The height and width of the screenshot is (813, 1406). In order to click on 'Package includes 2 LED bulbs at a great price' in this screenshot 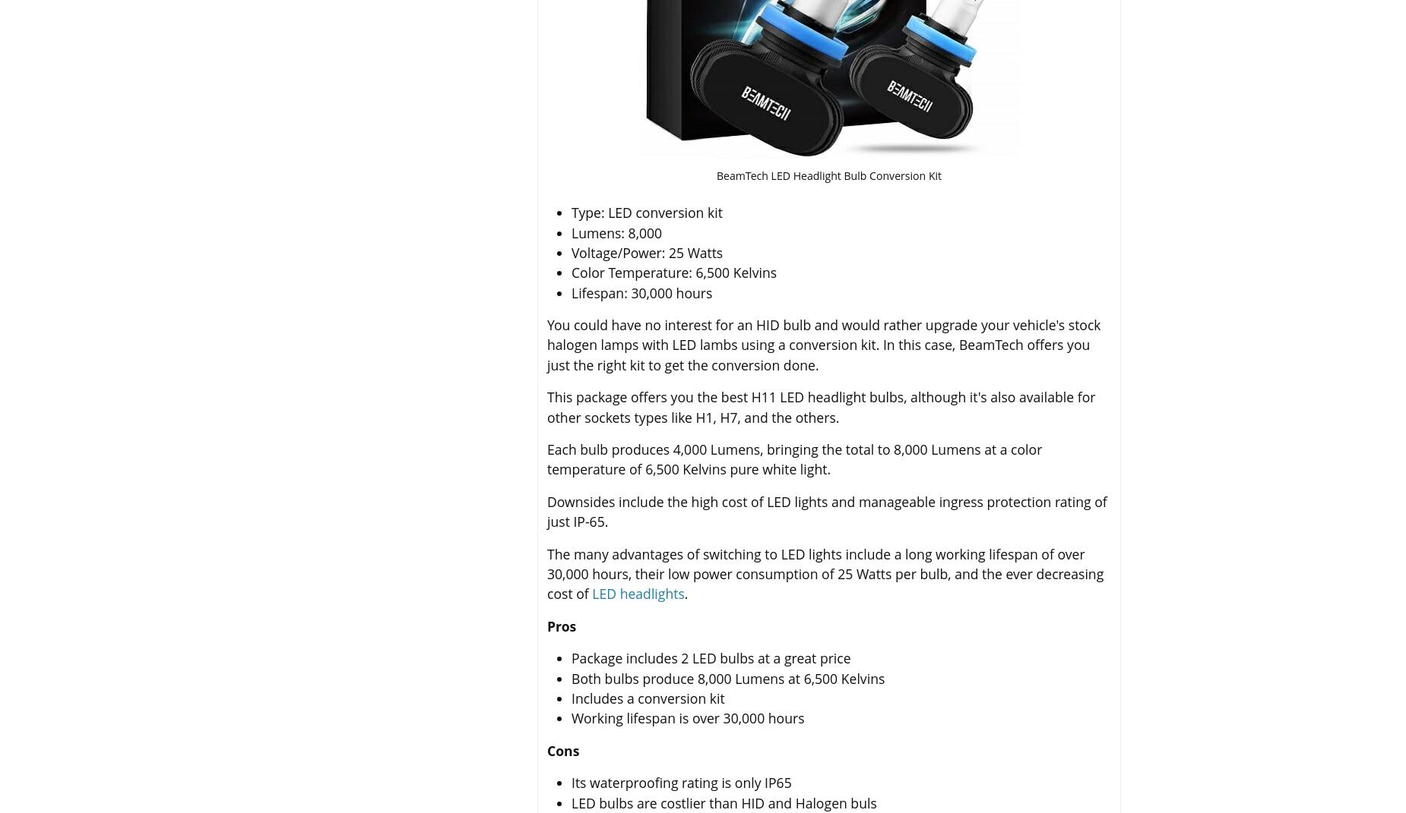, I will do `click(710, 657)`.